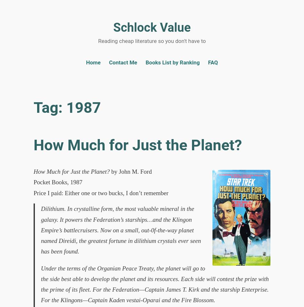  Describe the element at coordinates (50, 107) in the screenshot. I see `'Tag:'` at that location.